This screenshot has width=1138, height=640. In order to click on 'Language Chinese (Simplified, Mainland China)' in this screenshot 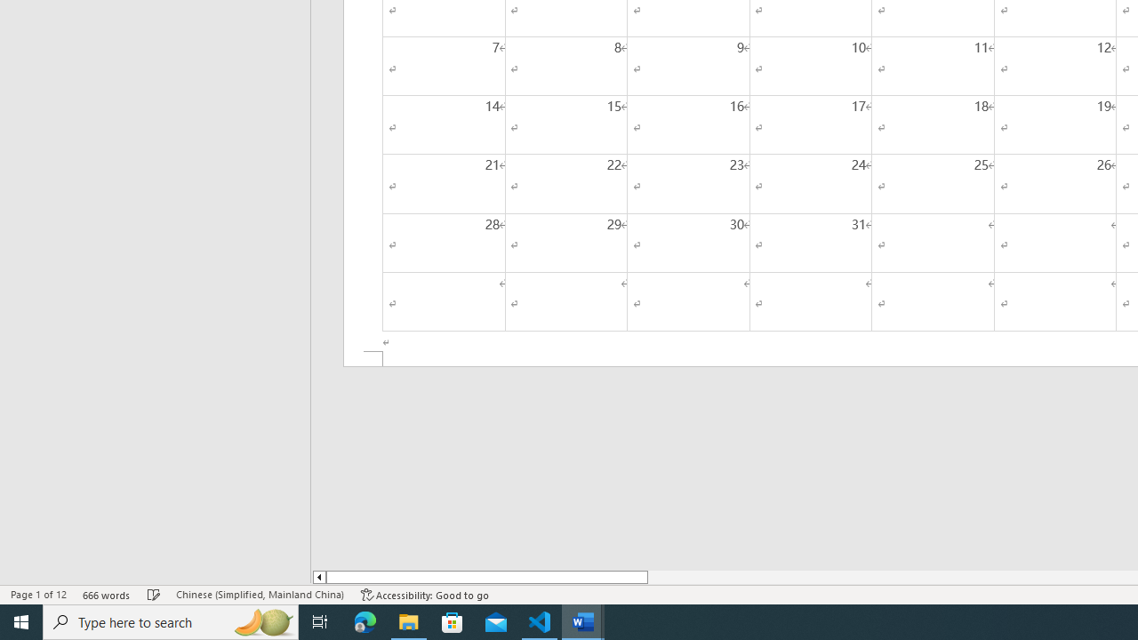, I will do `click(259, 595)`.